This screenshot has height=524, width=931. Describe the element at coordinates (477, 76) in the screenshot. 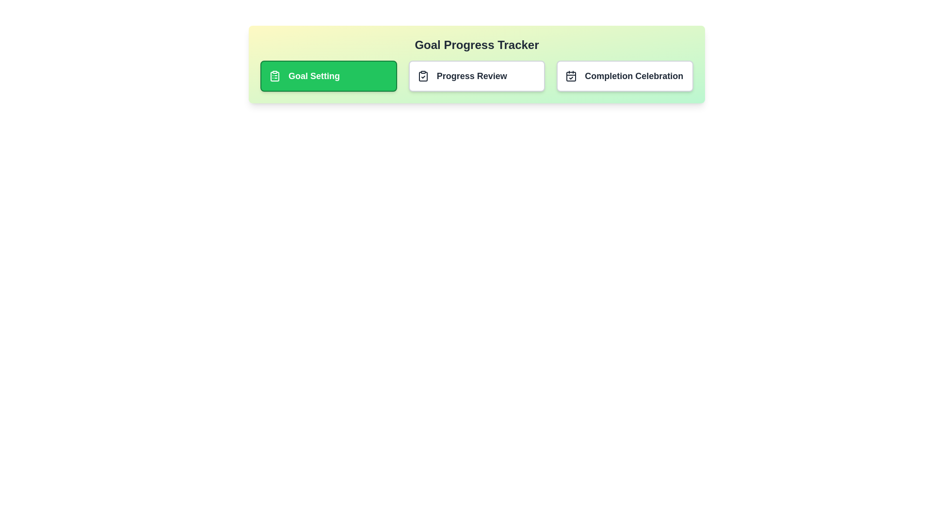

I see `the milestone card for Progress Review to observe the hover effect` at that location.